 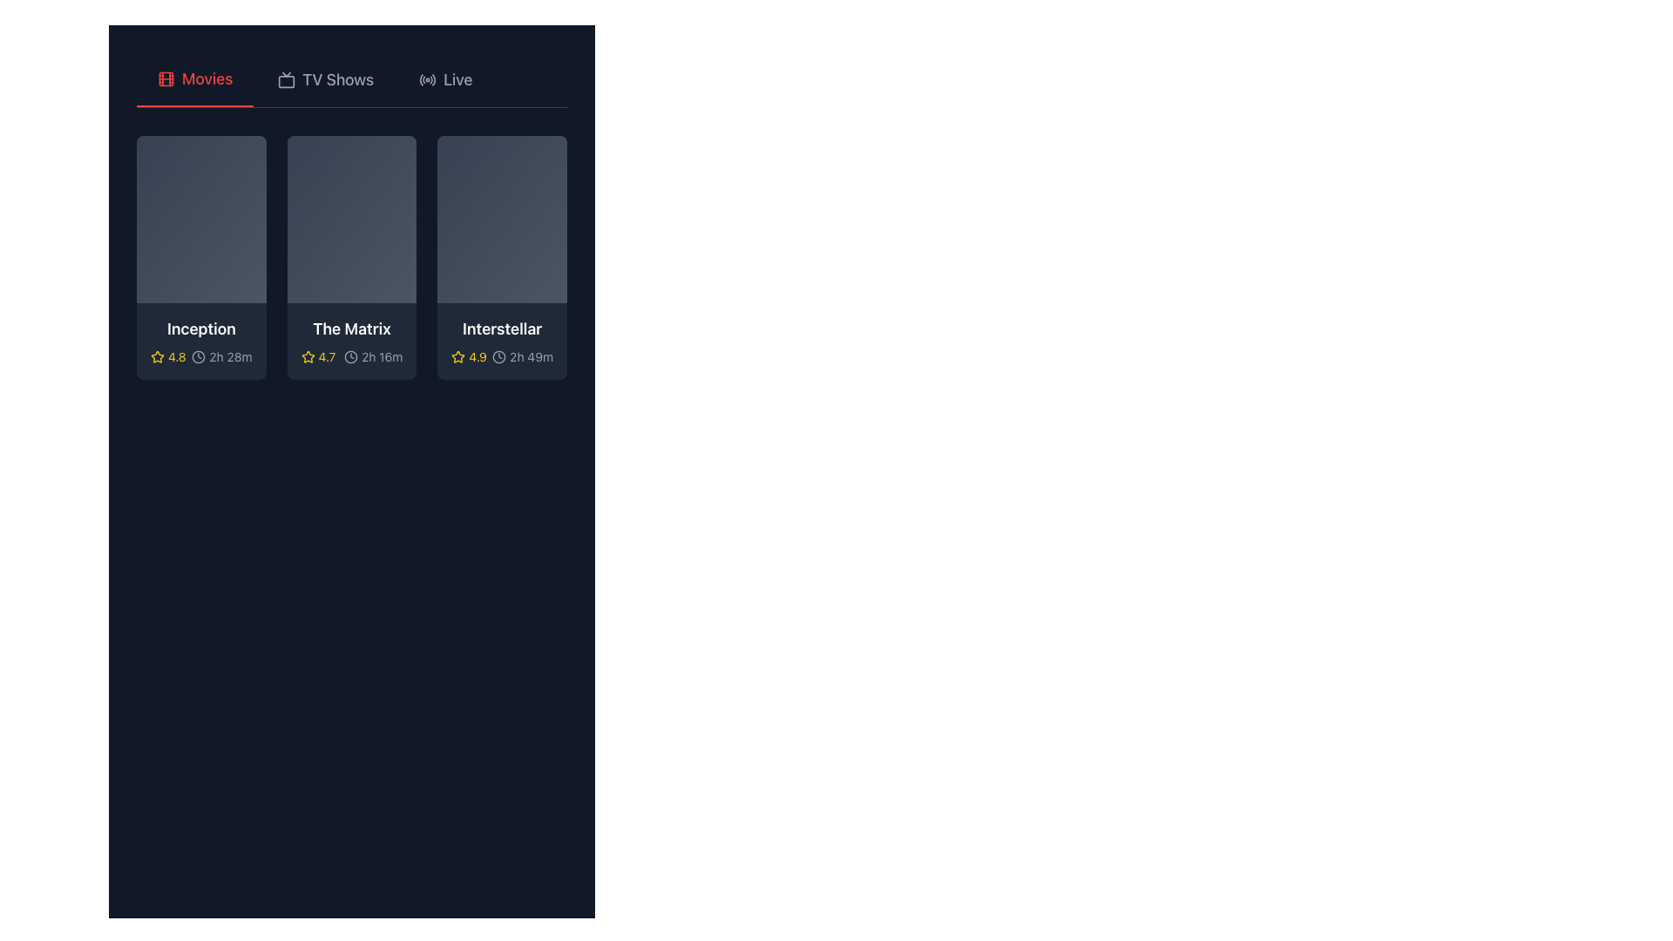 I want to click on the runtime indicator text label displaying '2h 28m' located beneath the title 'Inception' in the first column of movie cards, so click(x=201, y=355).